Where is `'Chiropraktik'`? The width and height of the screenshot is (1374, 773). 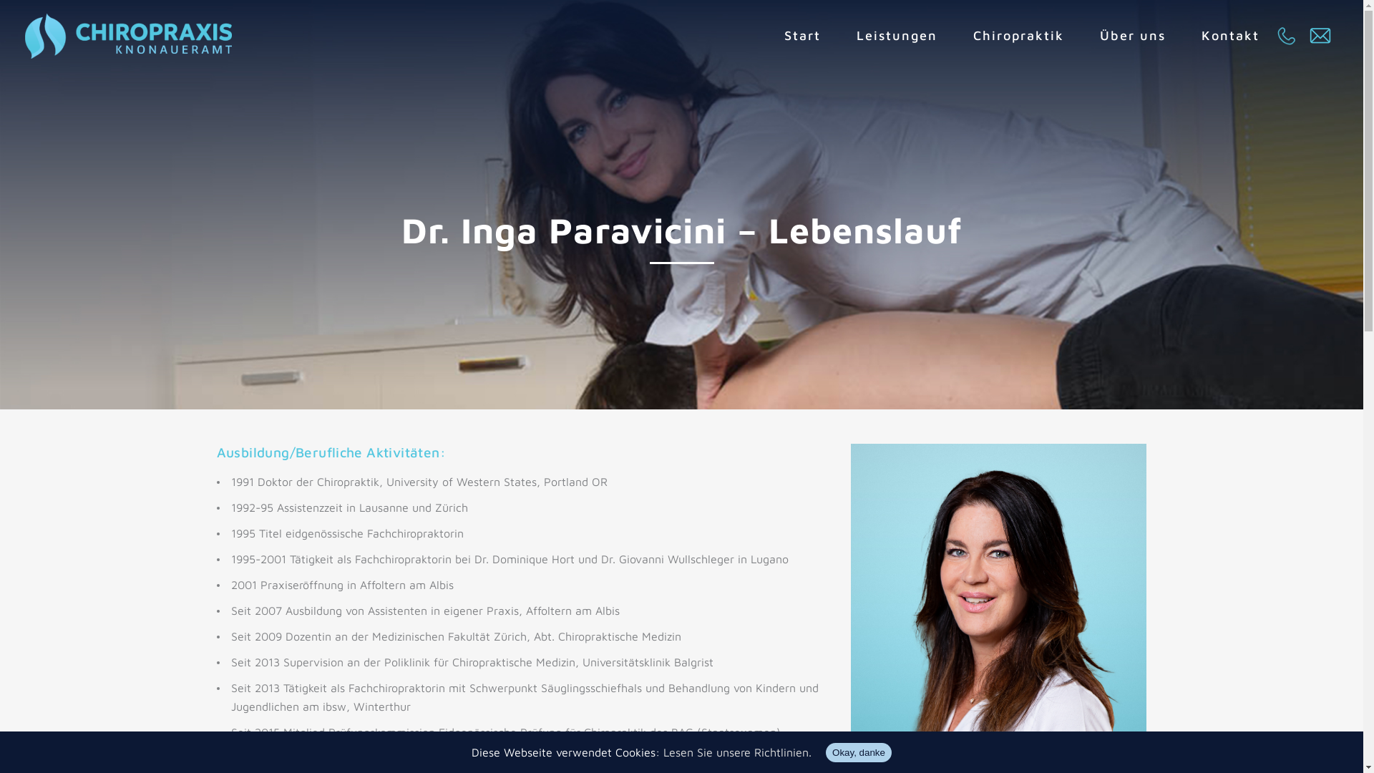 'Chiropraktik' is located at coordinates (955, 35).